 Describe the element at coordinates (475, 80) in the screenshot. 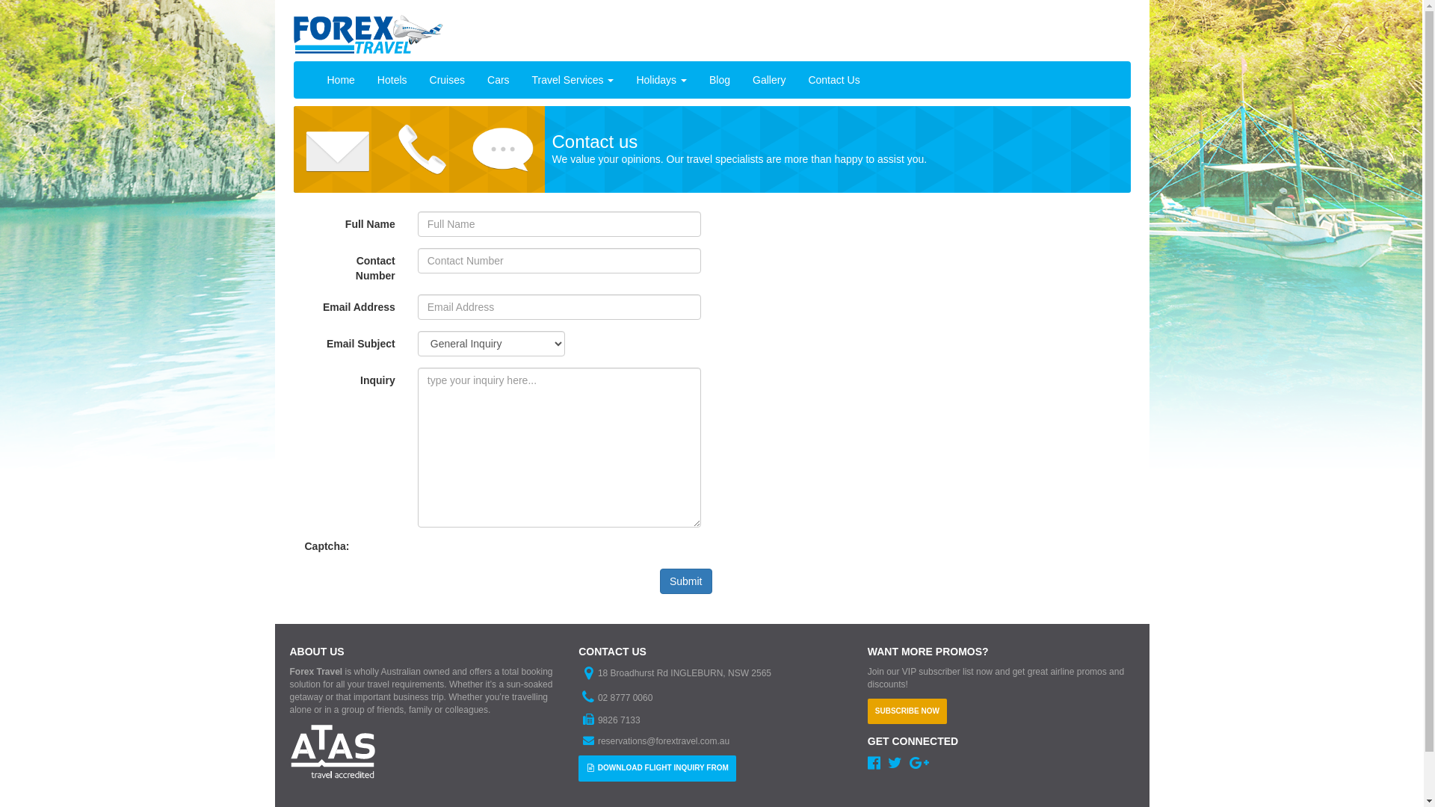

I see `'Cars'` at that location.